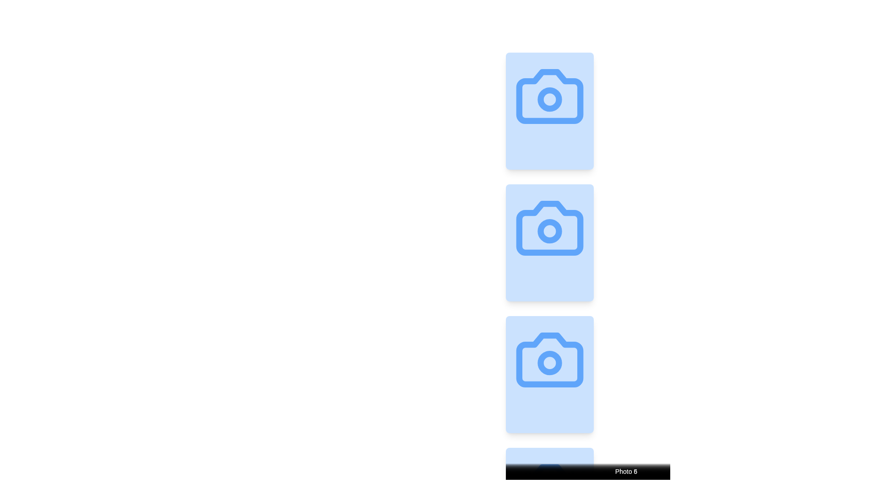 Image resolution: width=879 pixels, height=494 pixels. I want to click on the Image Card representing 'Photo 1', which is the first item in a vertically stacked list at the top of the column, so click(549, 111).